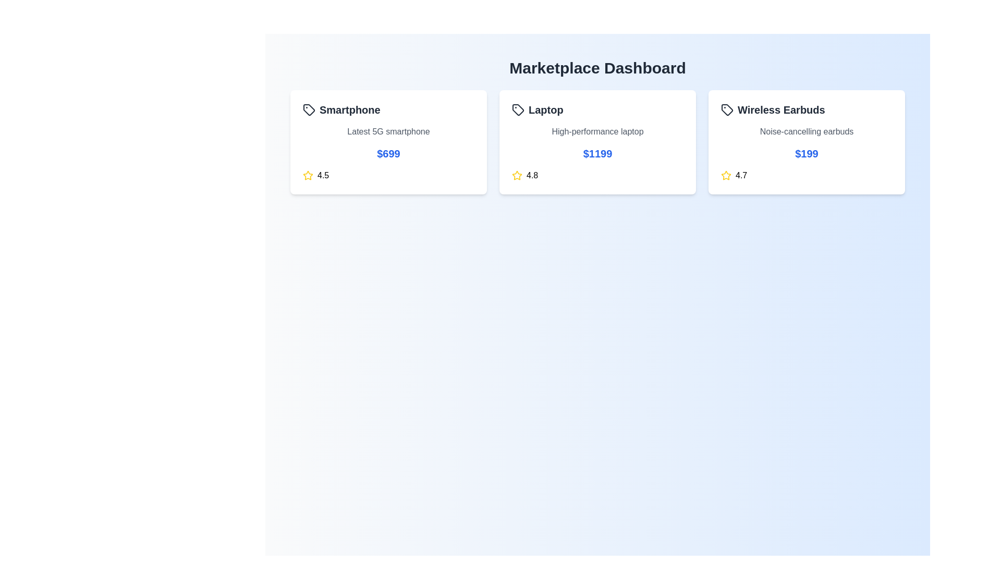  I want to click on the text label providing additional details for the 'Wireless Earbuds' located in the middle of the rightmost card in the Marketplace Dashboard, so click(806, 131).